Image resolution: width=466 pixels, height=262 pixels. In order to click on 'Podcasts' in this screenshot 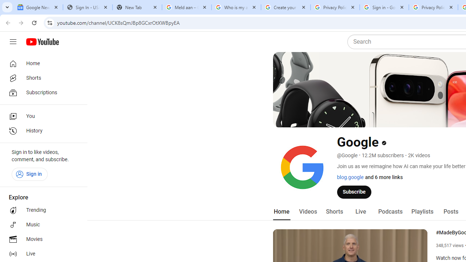, I will do `click(390, 211)`.